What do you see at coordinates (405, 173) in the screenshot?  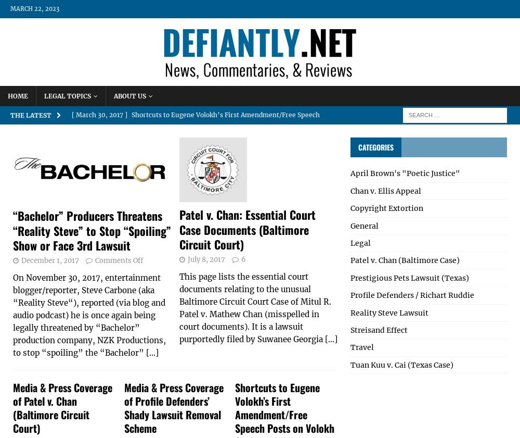 I see `'April Brown's "Poetic Justice"'` at bounding box center [405, 173].